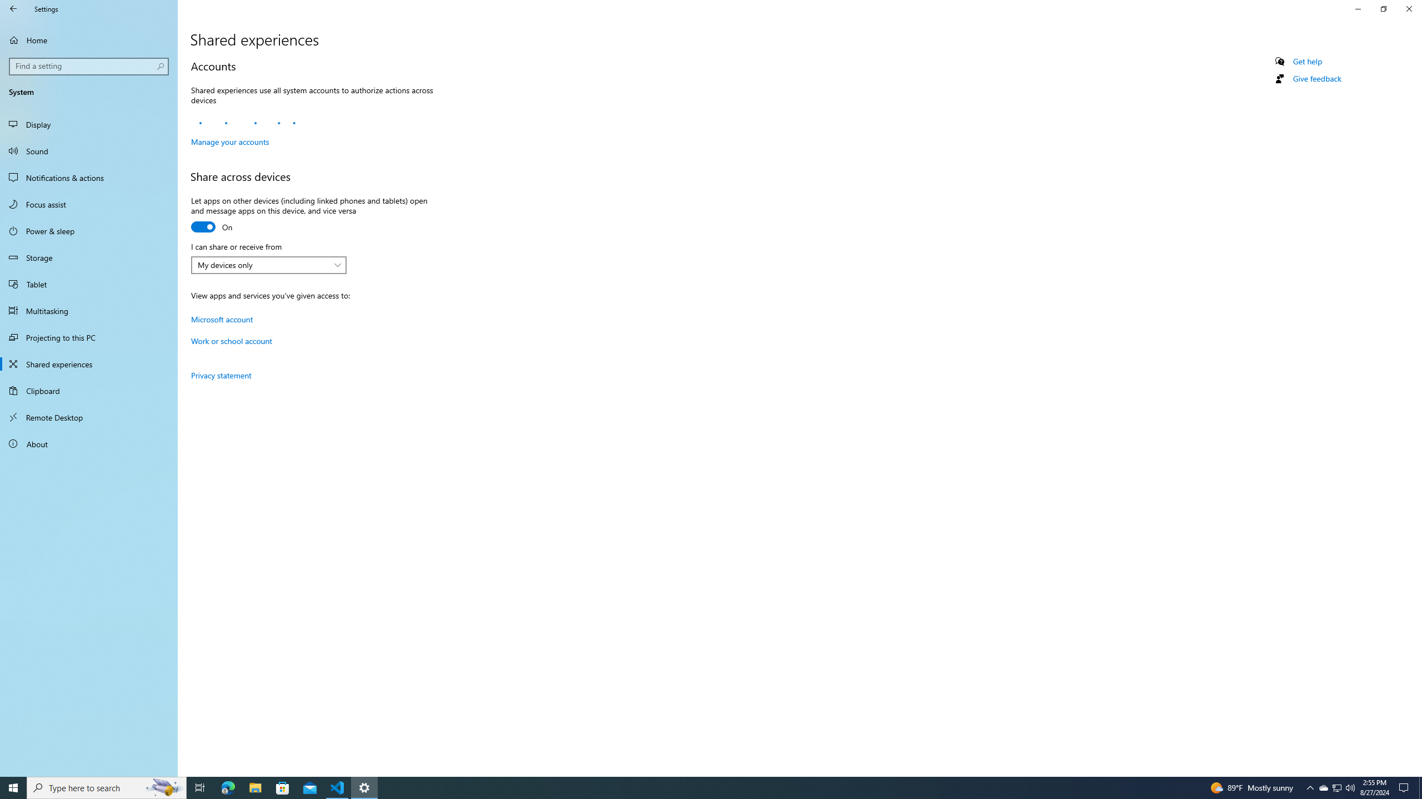  What do you see at coordinates (364, 787) in the screenshot?
I see `'Settings - 1 running window'` at bounding box center [364, 787].